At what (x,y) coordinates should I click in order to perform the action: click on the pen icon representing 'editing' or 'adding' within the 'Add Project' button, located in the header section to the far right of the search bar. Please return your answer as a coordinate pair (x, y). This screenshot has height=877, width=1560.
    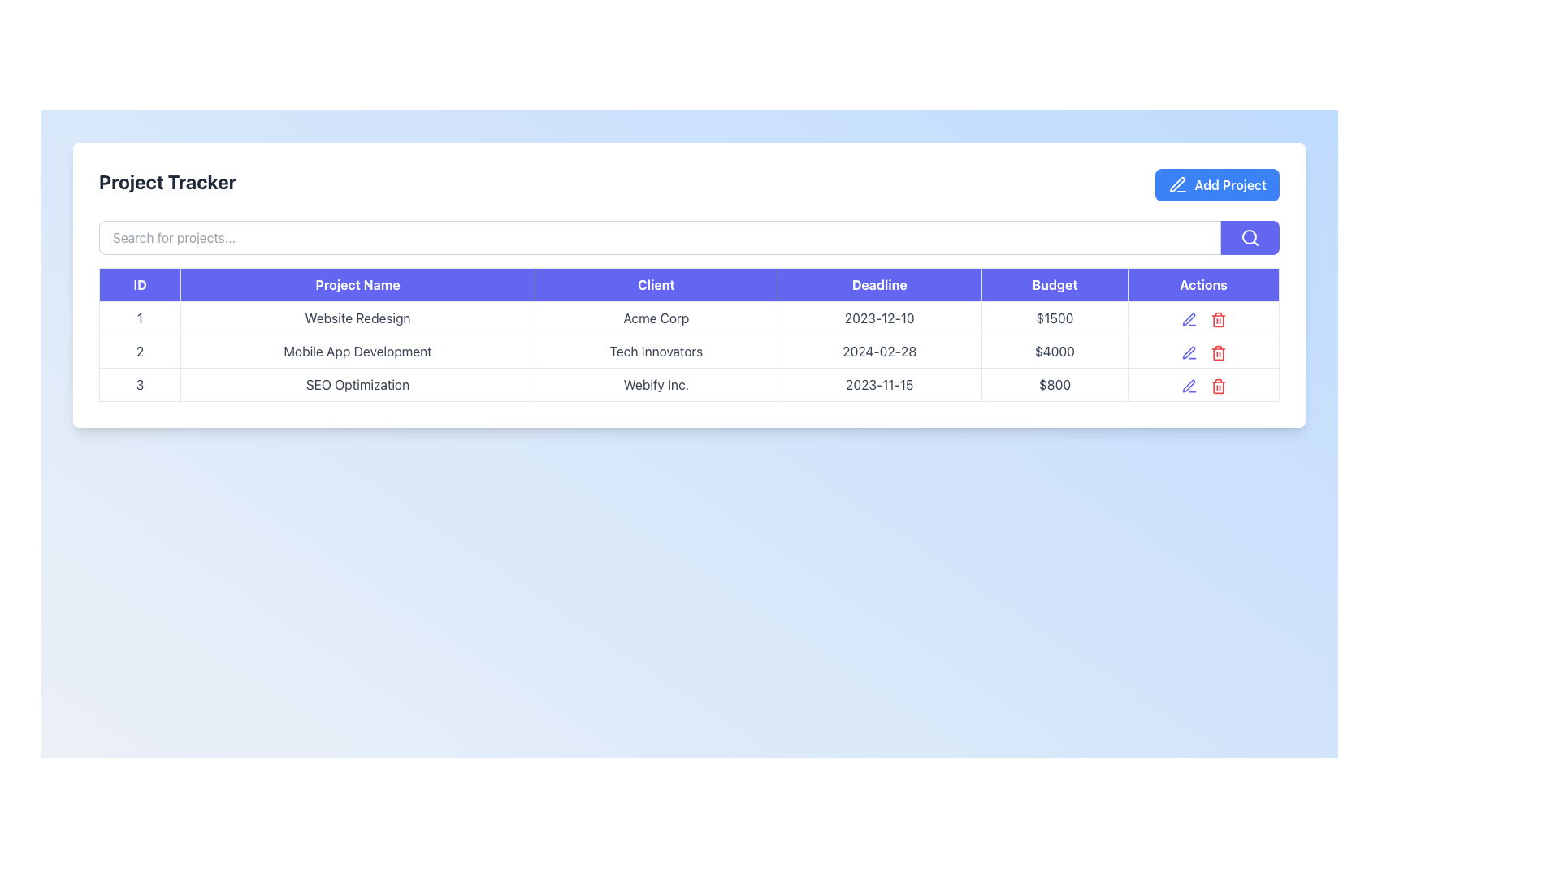
    Looking at the image, I should click on (1177, 184).